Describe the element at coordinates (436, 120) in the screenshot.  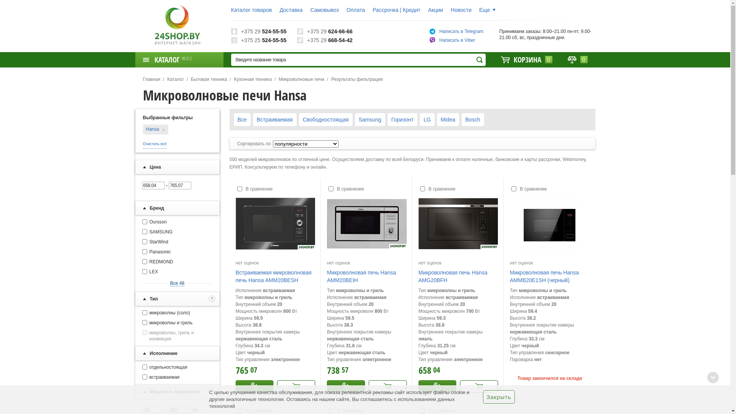
I see `'Midea'` at that location.